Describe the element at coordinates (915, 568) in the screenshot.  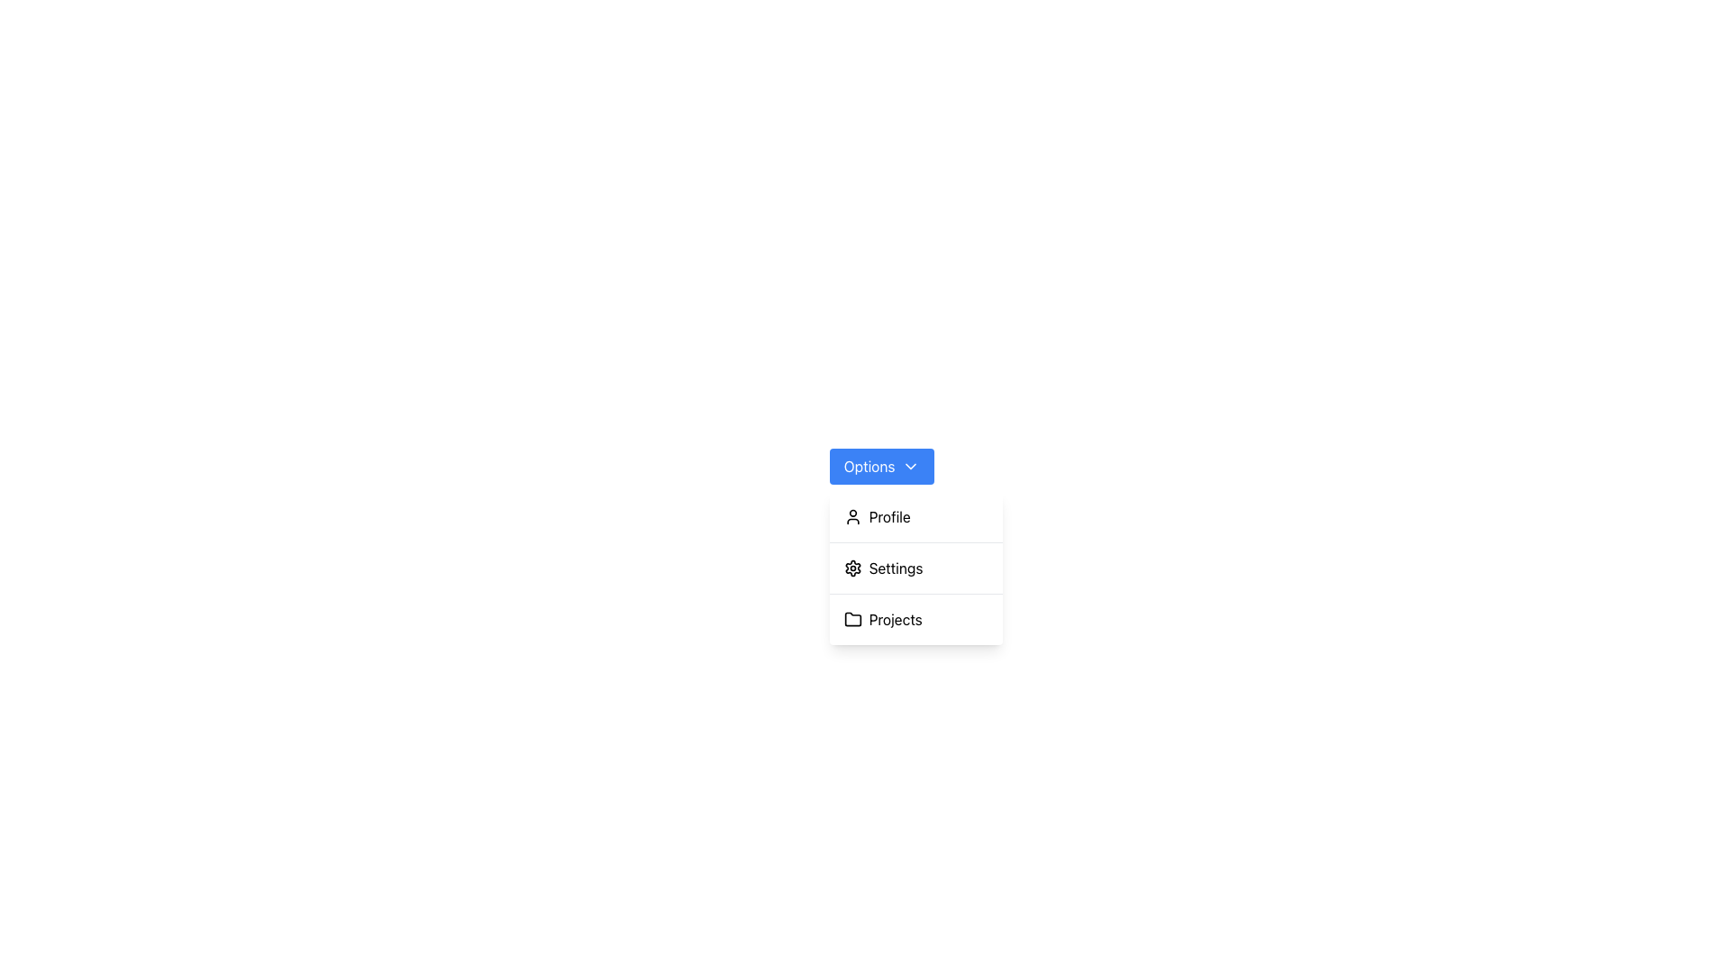
I see `the second item in the Navigation menu that leads to the 'Settings' page` at that location.